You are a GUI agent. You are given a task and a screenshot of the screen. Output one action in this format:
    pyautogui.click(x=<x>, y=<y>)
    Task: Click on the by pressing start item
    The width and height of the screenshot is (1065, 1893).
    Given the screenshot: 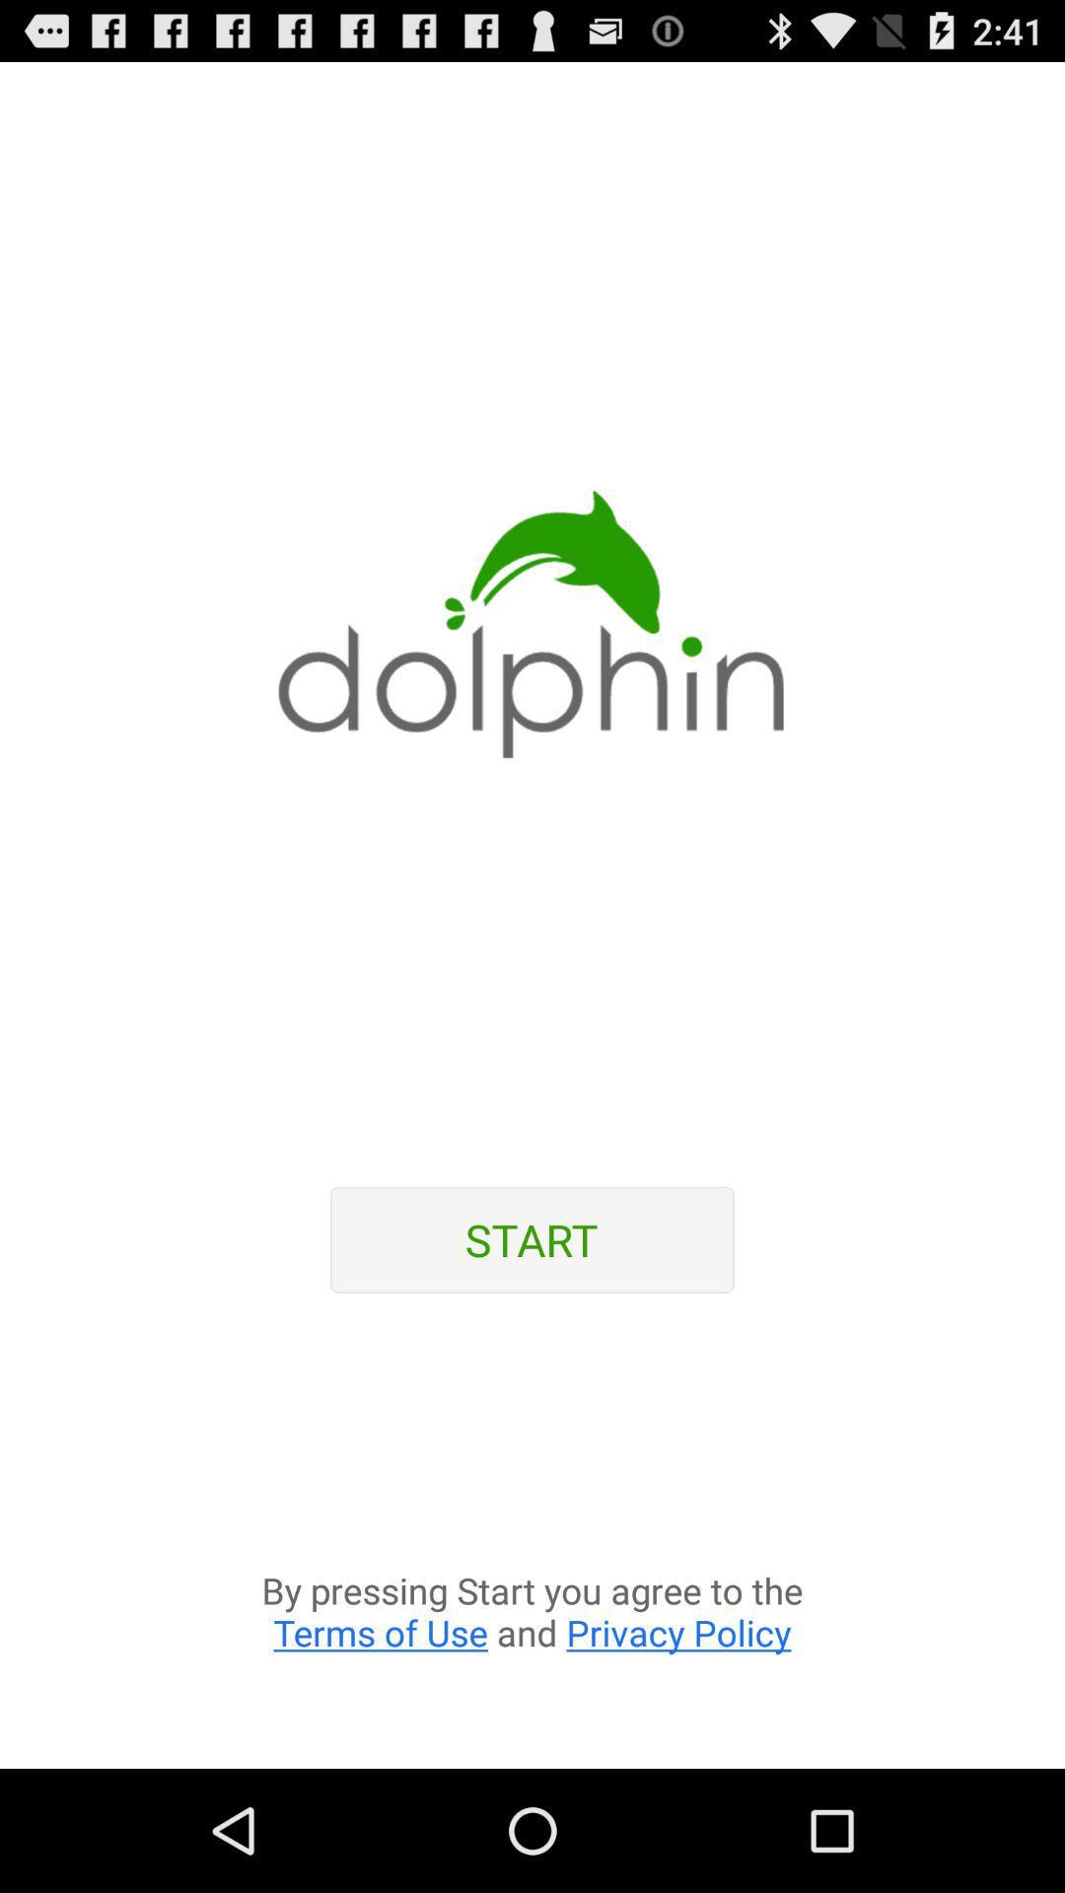 What is the action you would take?
    pyautogui.click(x=532, y=1542)
    